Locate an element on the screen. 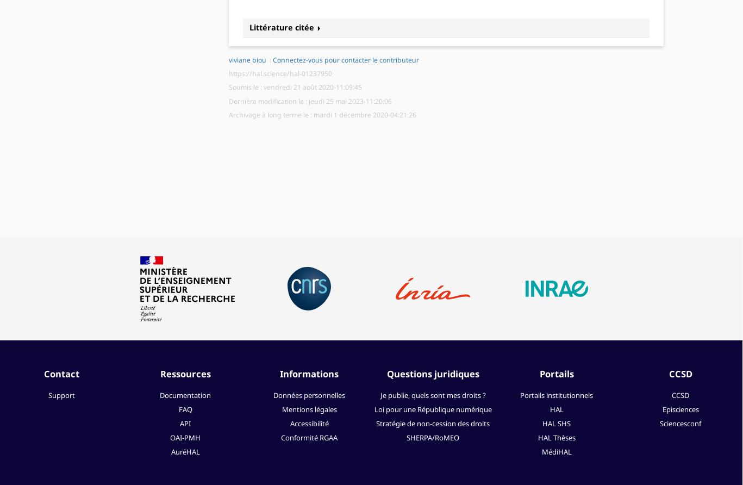  'HAL' is located at coordinates (555, 408).